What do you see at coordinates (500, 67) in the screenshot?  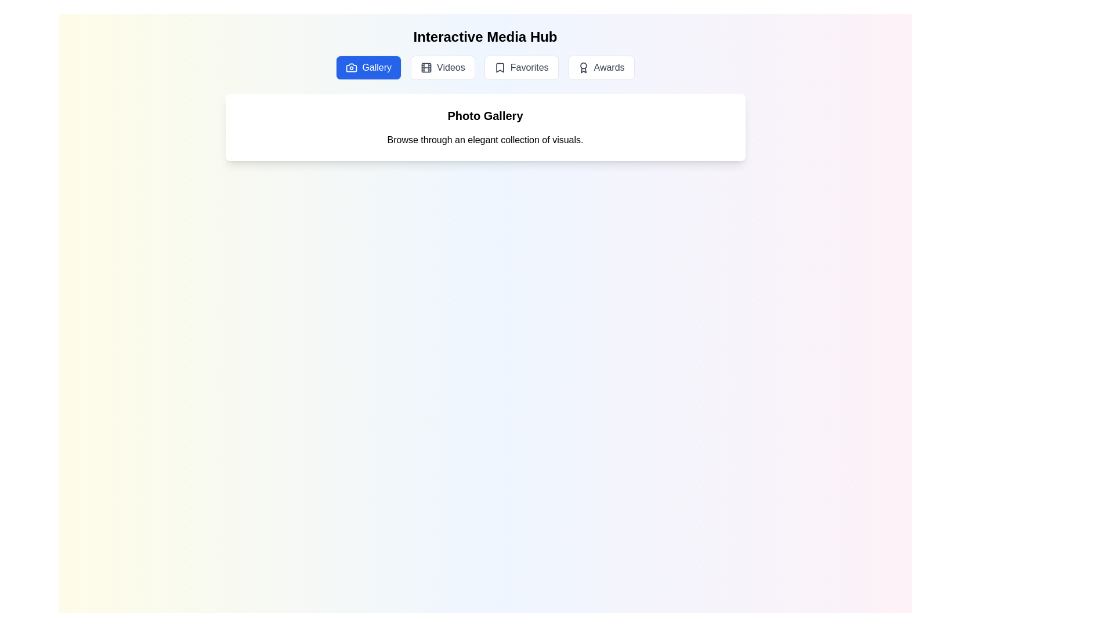 I see `the bookmark-shaped icon within the 'Favorites' button in the navigation bar, which is depicted with a folded bookmark design` at bounding box center [500, 67].